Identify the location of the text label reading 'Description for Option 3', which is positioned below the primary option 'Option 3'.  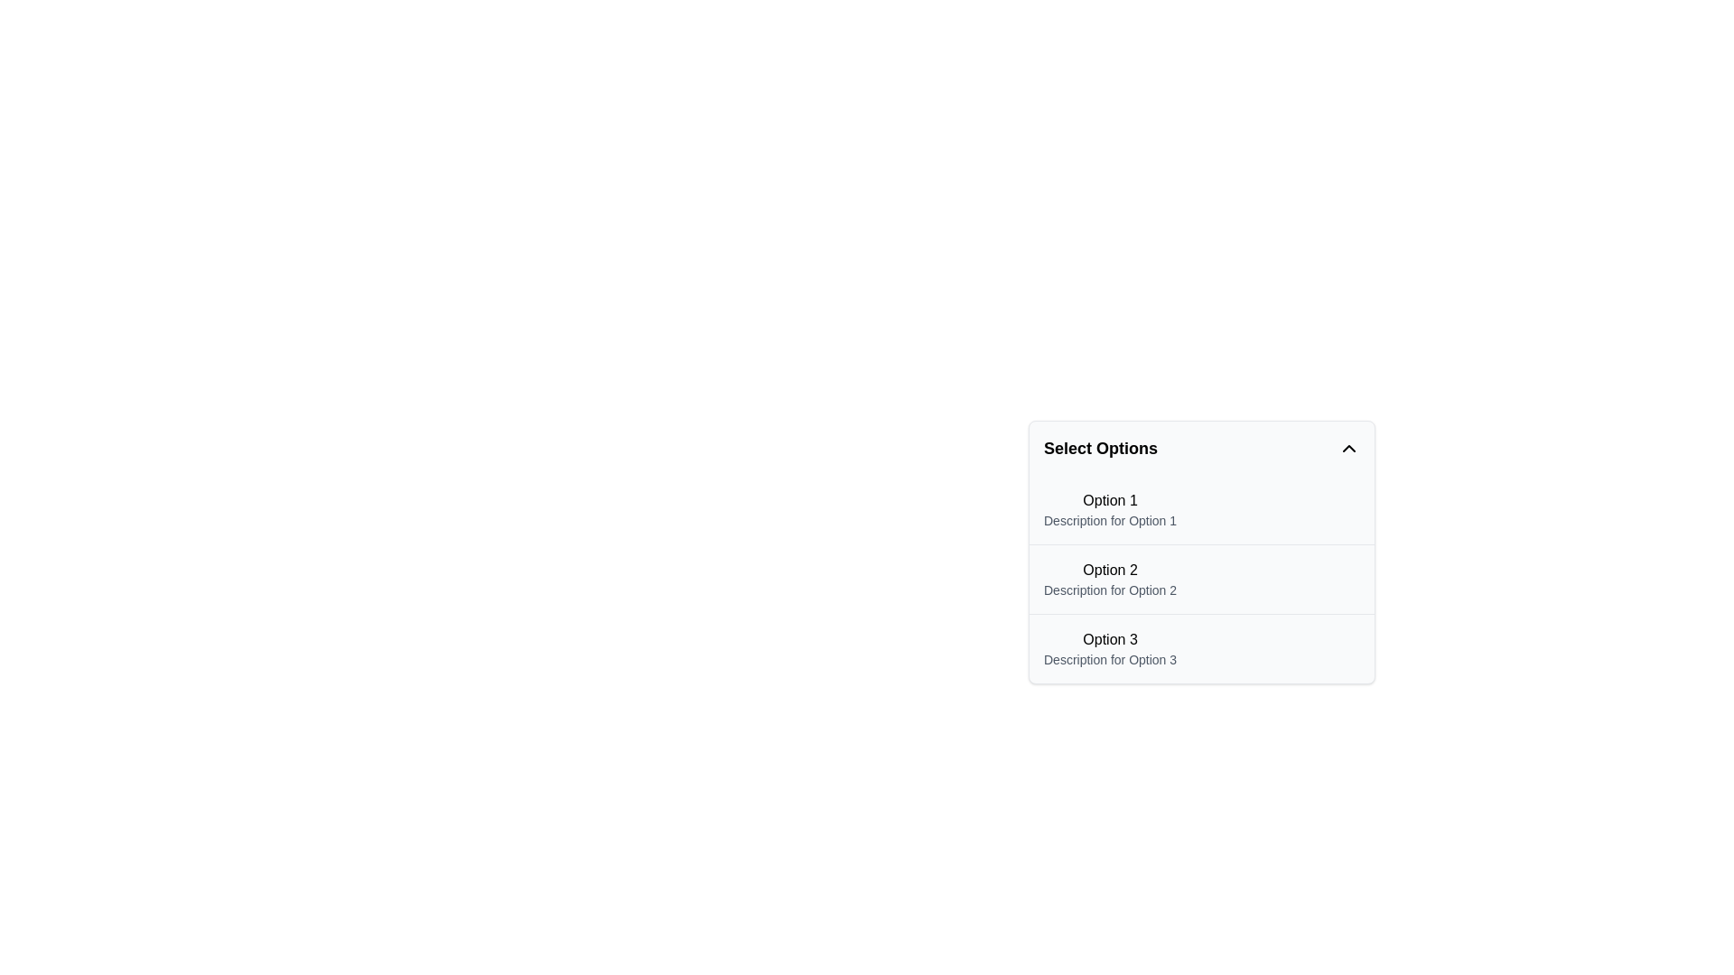
(1109, 660).